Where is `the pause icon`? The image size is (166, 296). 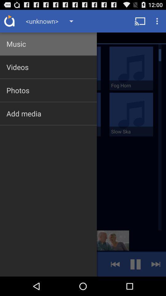 the pause icon is located at coordinates (136, 283).